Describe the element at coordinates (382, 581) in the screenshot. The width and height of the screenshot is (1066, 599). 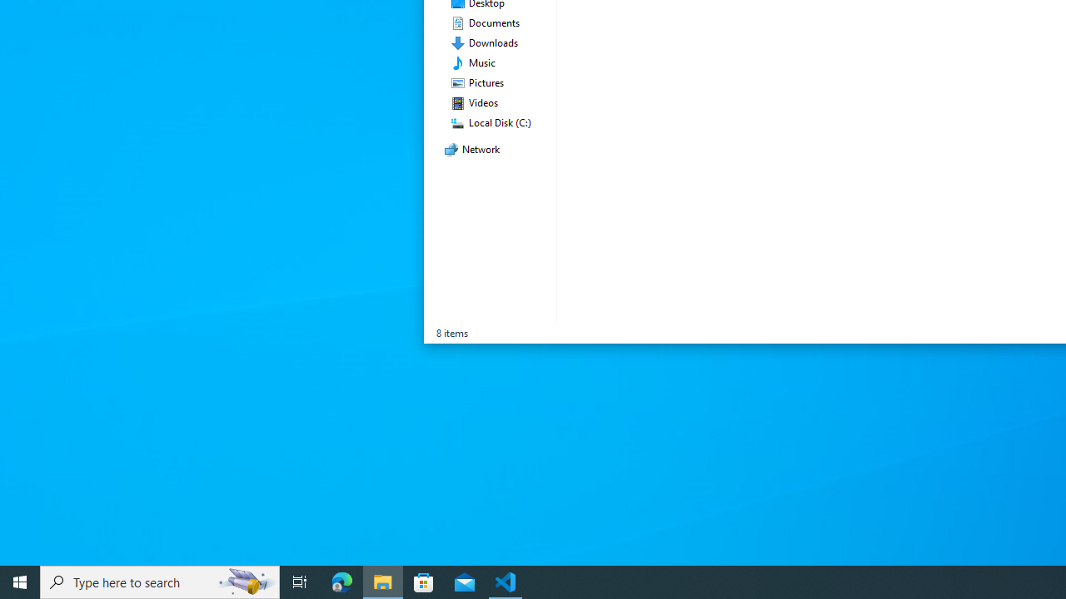
I see `'File Explorer - 1 running window'` at that location.